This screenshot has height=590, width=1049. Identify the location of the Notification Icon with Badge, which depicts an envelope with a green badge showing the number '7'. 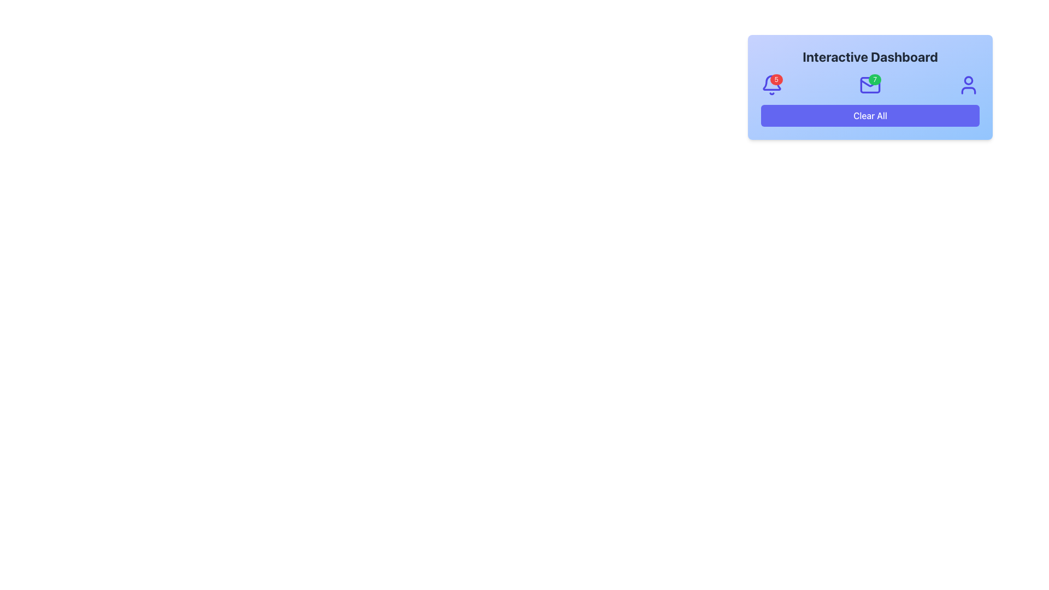
(870, 84).